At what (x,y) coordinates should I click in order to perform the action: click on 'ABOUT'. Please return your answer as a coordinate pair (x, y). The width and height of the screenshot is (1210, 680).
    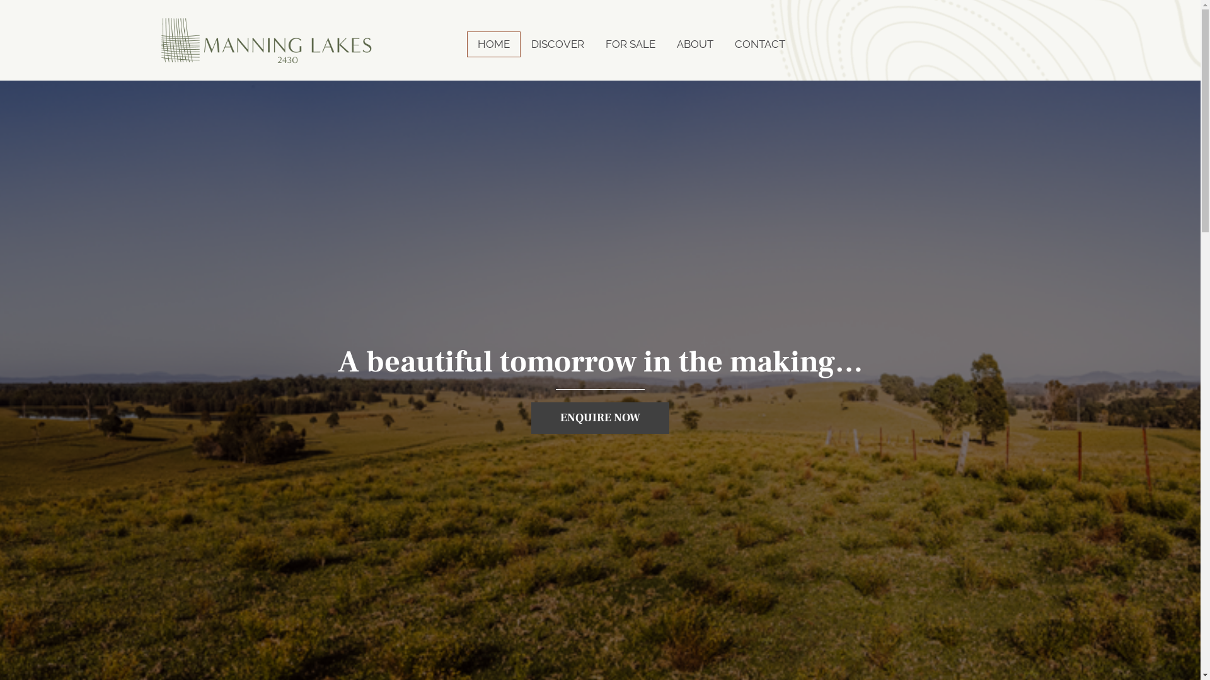
    Looking at the image, I should click on (694, 43).